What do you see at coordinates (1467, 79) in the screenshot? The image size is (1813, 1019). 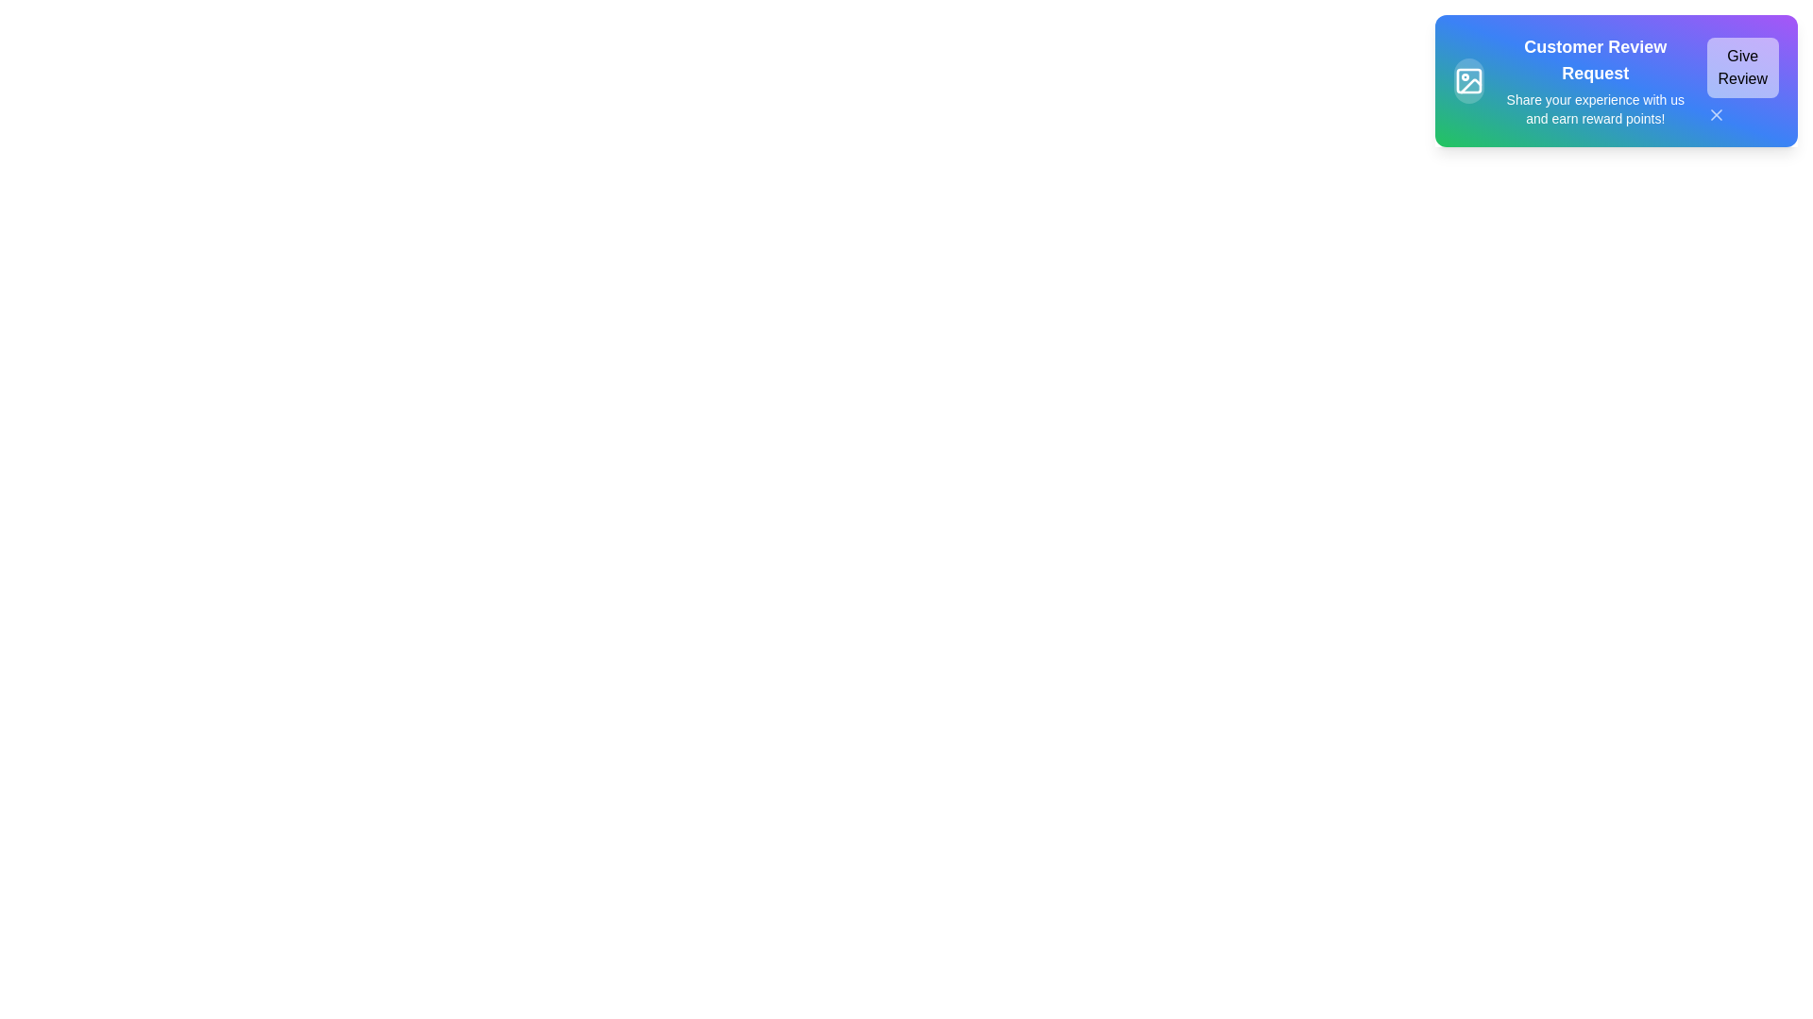 I see `the image icon in the ReviewSnackbar component` at bounding box center [1467, 79].